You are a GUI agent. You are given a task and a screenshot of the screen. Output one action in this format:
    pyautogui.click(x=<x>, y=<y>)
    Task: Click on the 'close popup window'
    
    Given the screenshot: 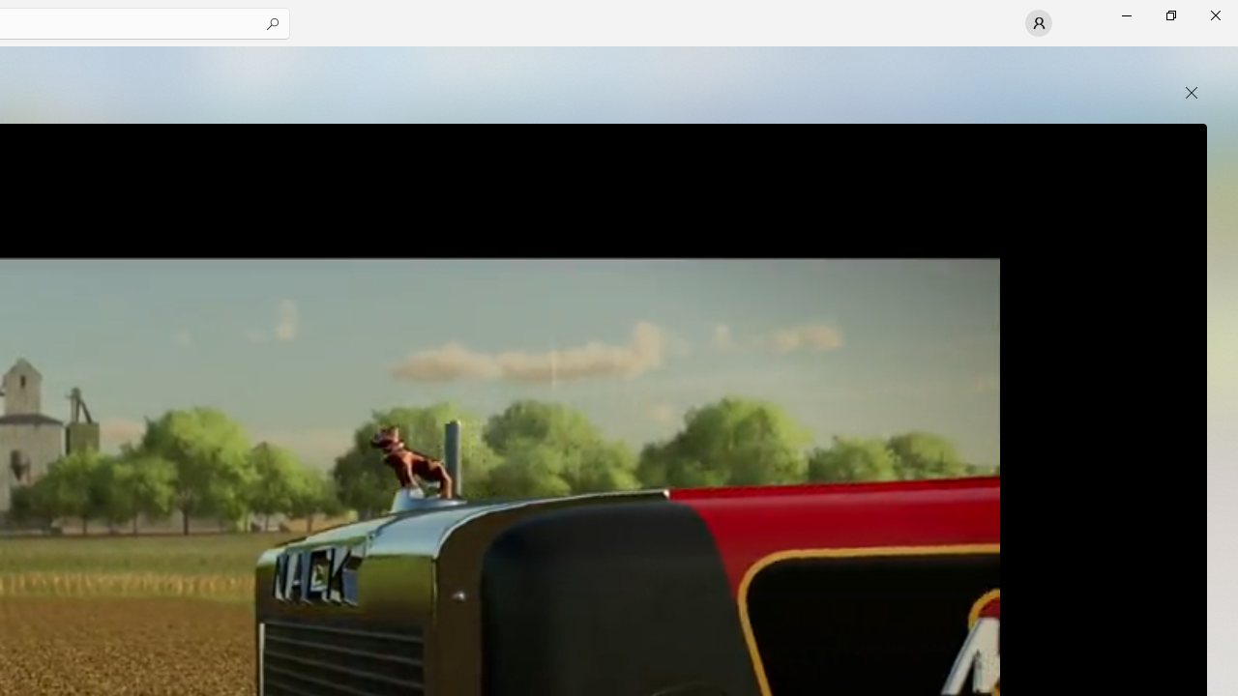 What is the action you would take?
    pyautogui.click(x=1191, y=93)
    